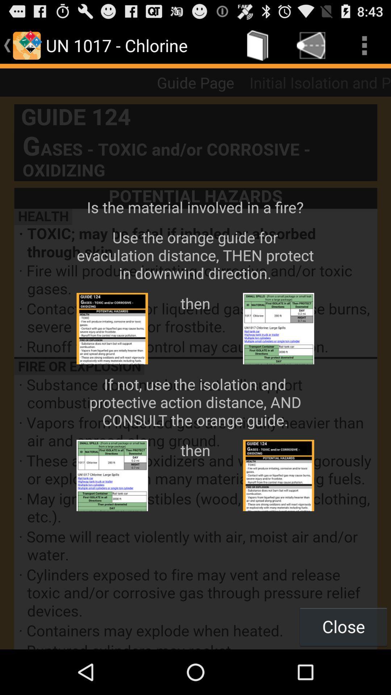  Describe the element at coordinates (195, 373) in the screenshot. I see `the icon below guide page item` at that location.